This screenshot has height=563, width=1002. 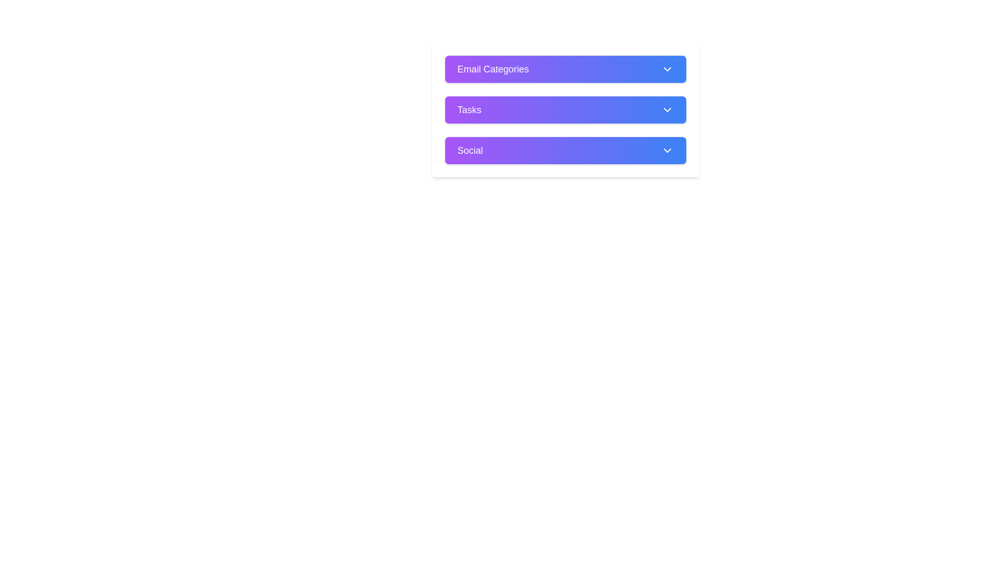 What do you see at coordinates (565, 151) in the screenshot?
I see `on the 'Social' dropdown or collapsible toggle button` at bounding box center [565, 151].